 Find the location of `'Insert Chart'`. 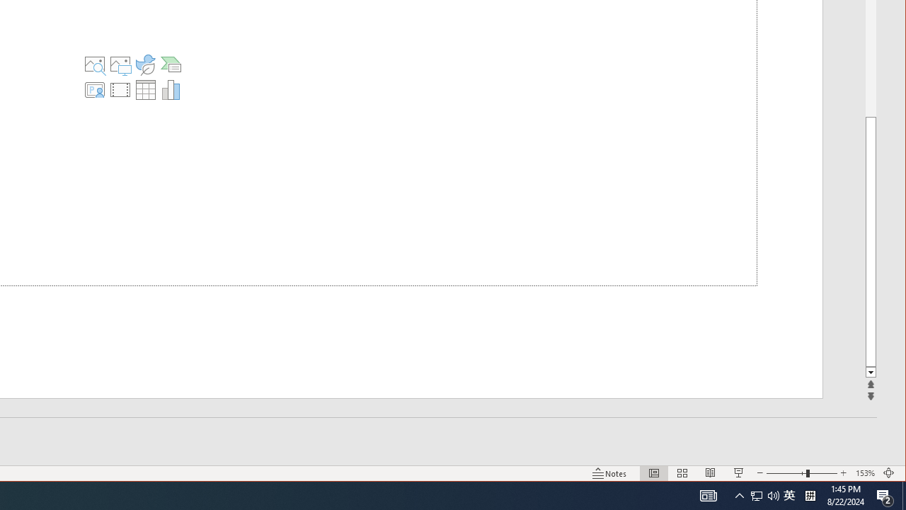

'Insert Chart' is located at coordinates (171, 90).